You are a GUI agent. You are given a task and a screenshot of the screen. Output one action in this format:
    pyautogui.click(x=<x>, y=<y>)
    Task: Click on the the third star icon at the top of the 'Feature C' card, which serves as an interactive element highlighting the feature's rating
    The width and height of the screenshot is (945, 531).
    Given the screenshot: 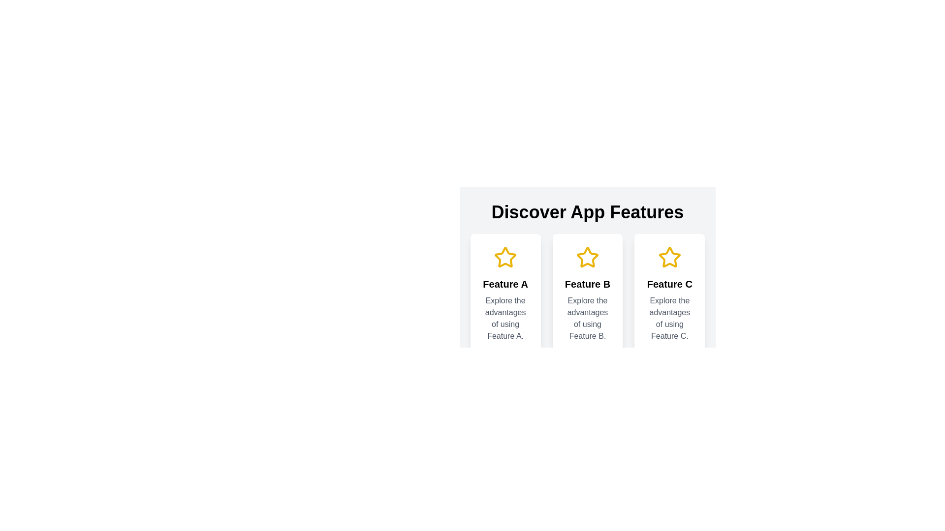 What is the action you would take?
    pyautogui.click(x=669, y=257)
    